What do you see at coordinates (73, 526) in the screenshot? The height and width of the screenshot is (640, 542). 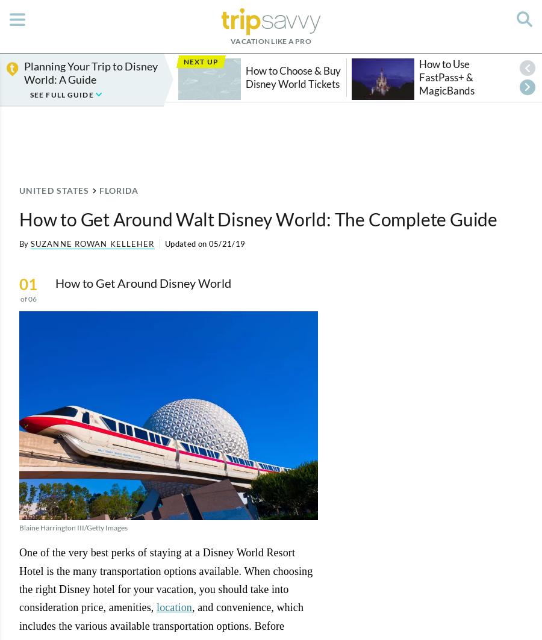 I see `'Blaine Harrington III/Getty Images'` at bounding box center [73, 526].